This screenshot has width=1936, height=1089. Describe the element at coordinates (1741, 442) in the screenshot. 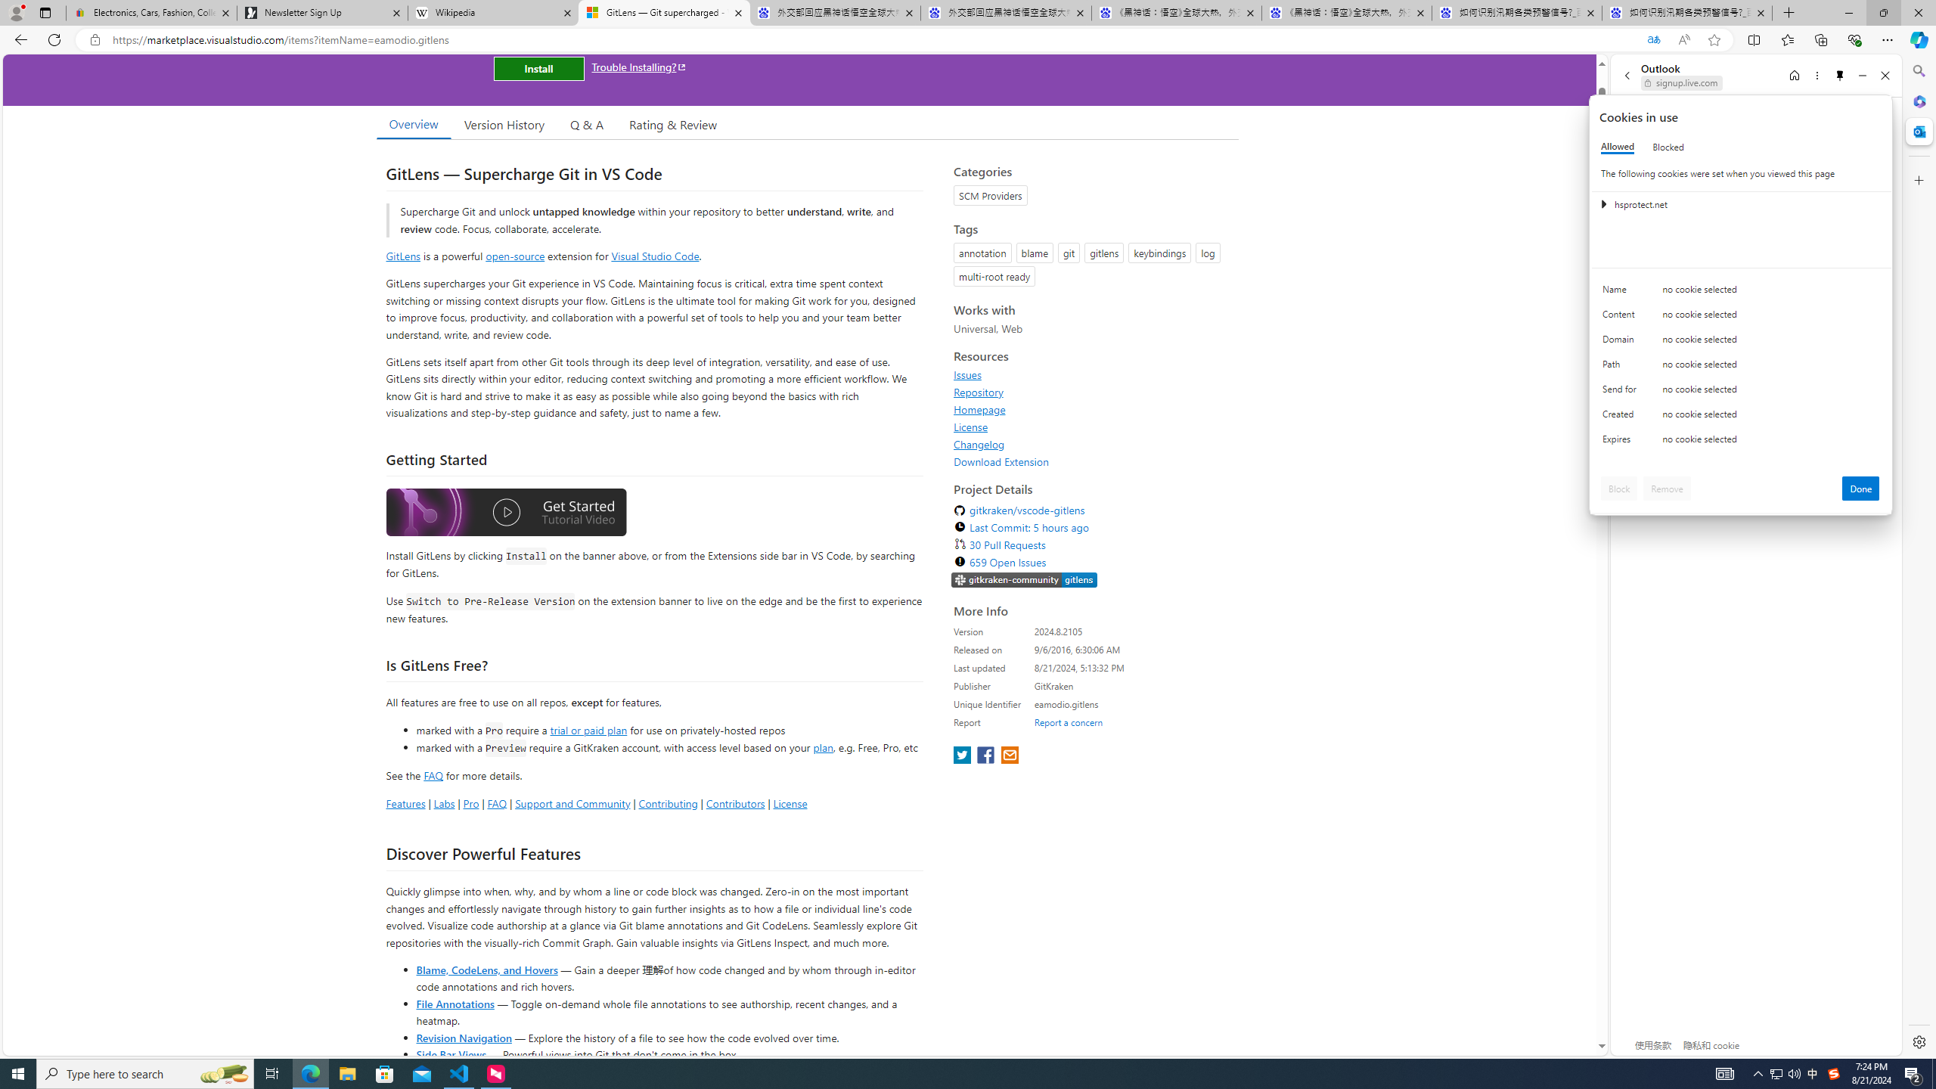

I see `'Class: c0153 c0157'` at that location.